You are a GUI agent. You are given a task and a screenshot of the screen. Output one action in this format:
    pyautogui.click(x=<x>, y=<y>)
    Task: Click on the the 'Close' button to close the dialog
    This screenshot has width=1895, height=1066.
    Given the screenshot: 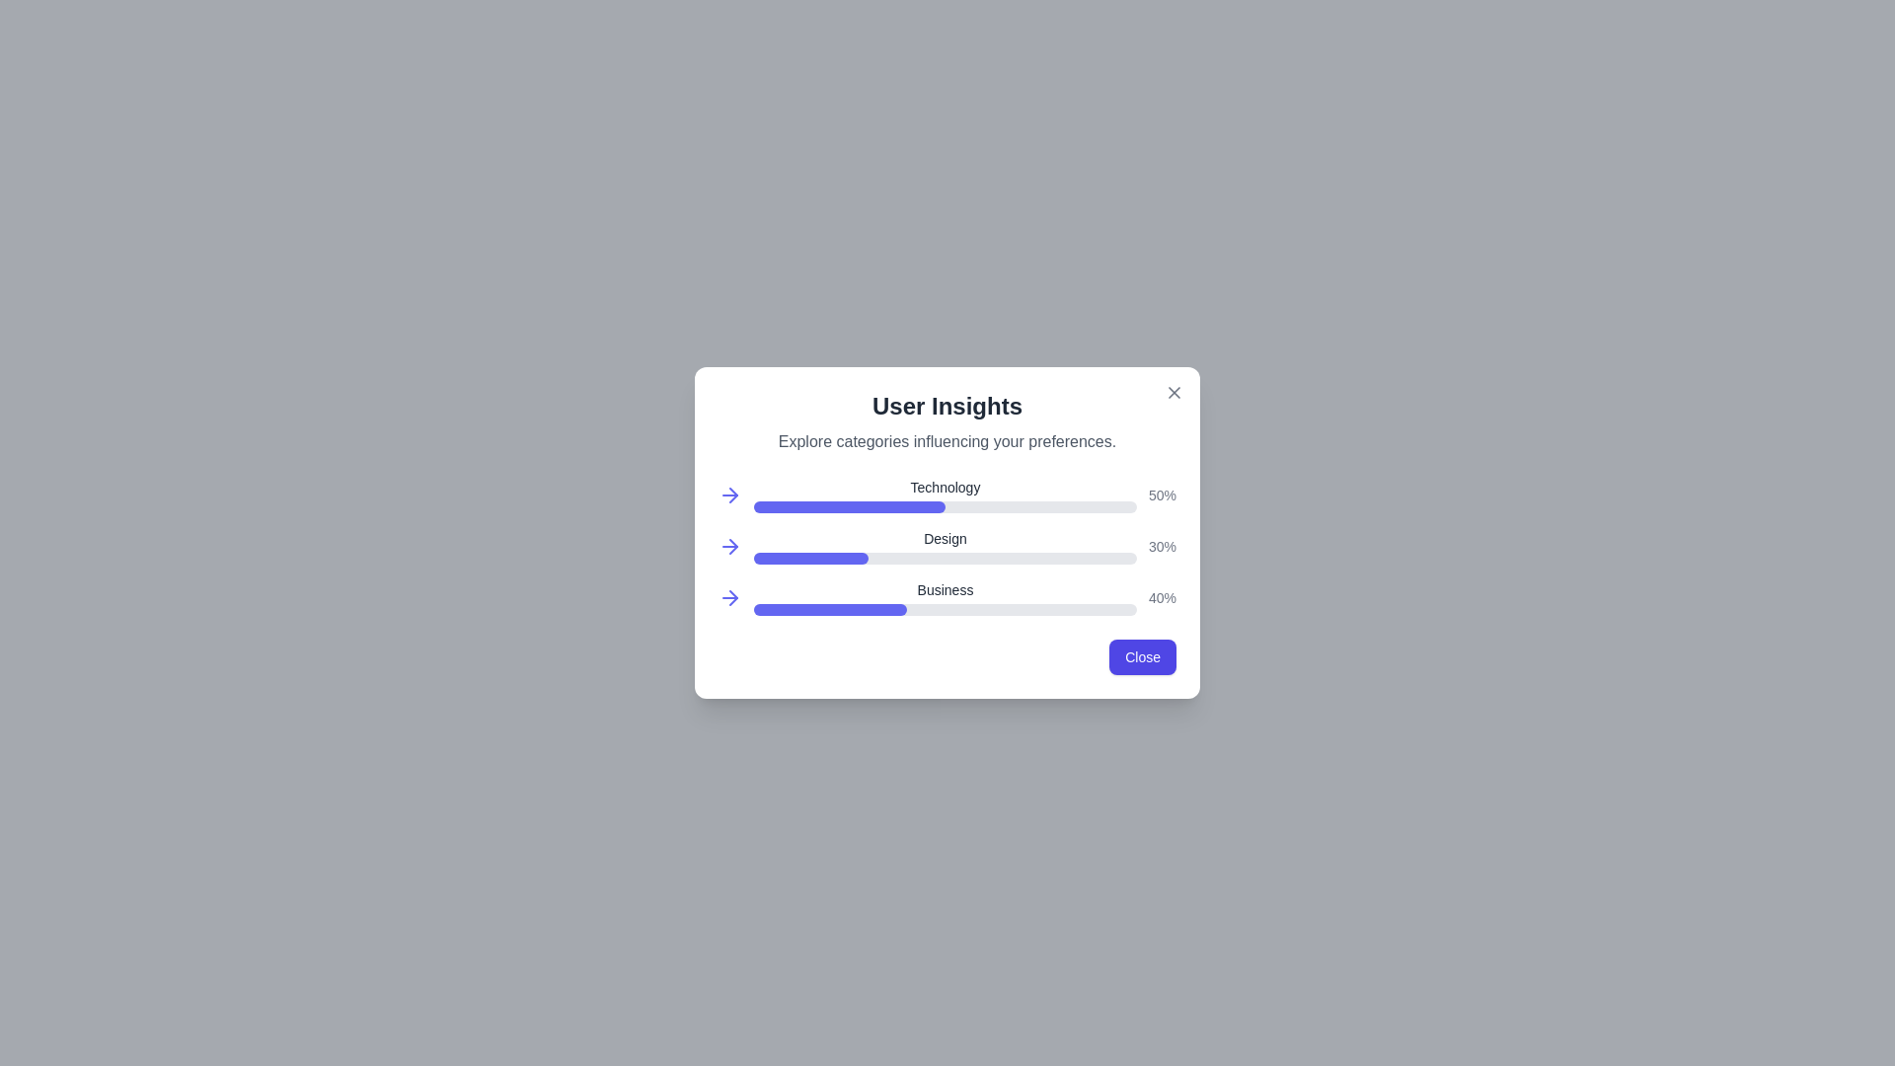 What is the action you would take?
    pyautogui.click(x=1142, y=657)
    